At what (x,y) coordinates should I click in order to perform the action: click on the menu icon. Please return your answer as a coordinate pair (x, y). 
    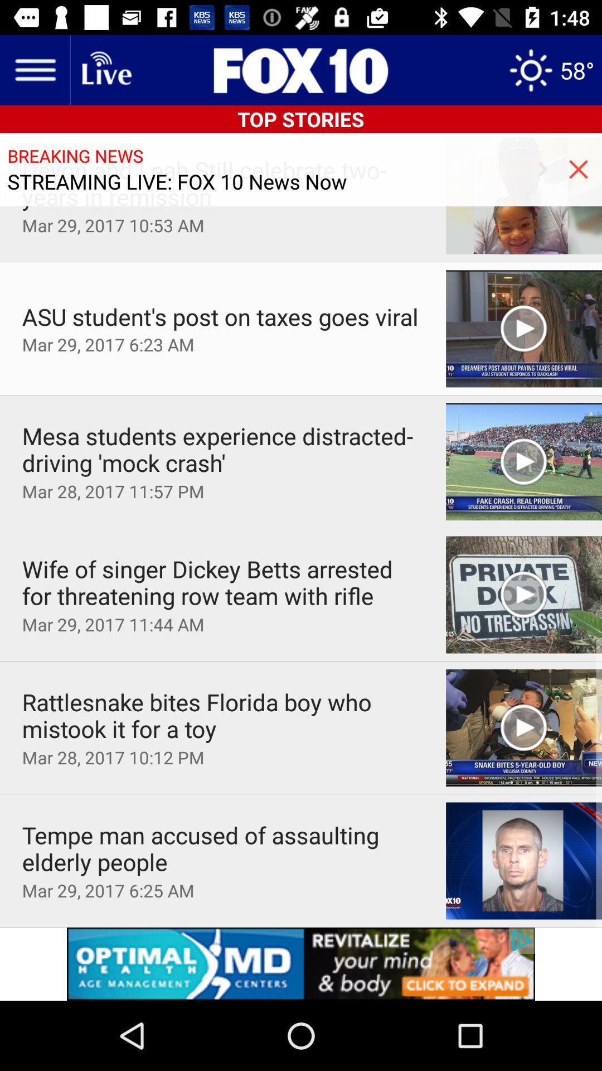
    Looking at the image, I should click on (34, 69).